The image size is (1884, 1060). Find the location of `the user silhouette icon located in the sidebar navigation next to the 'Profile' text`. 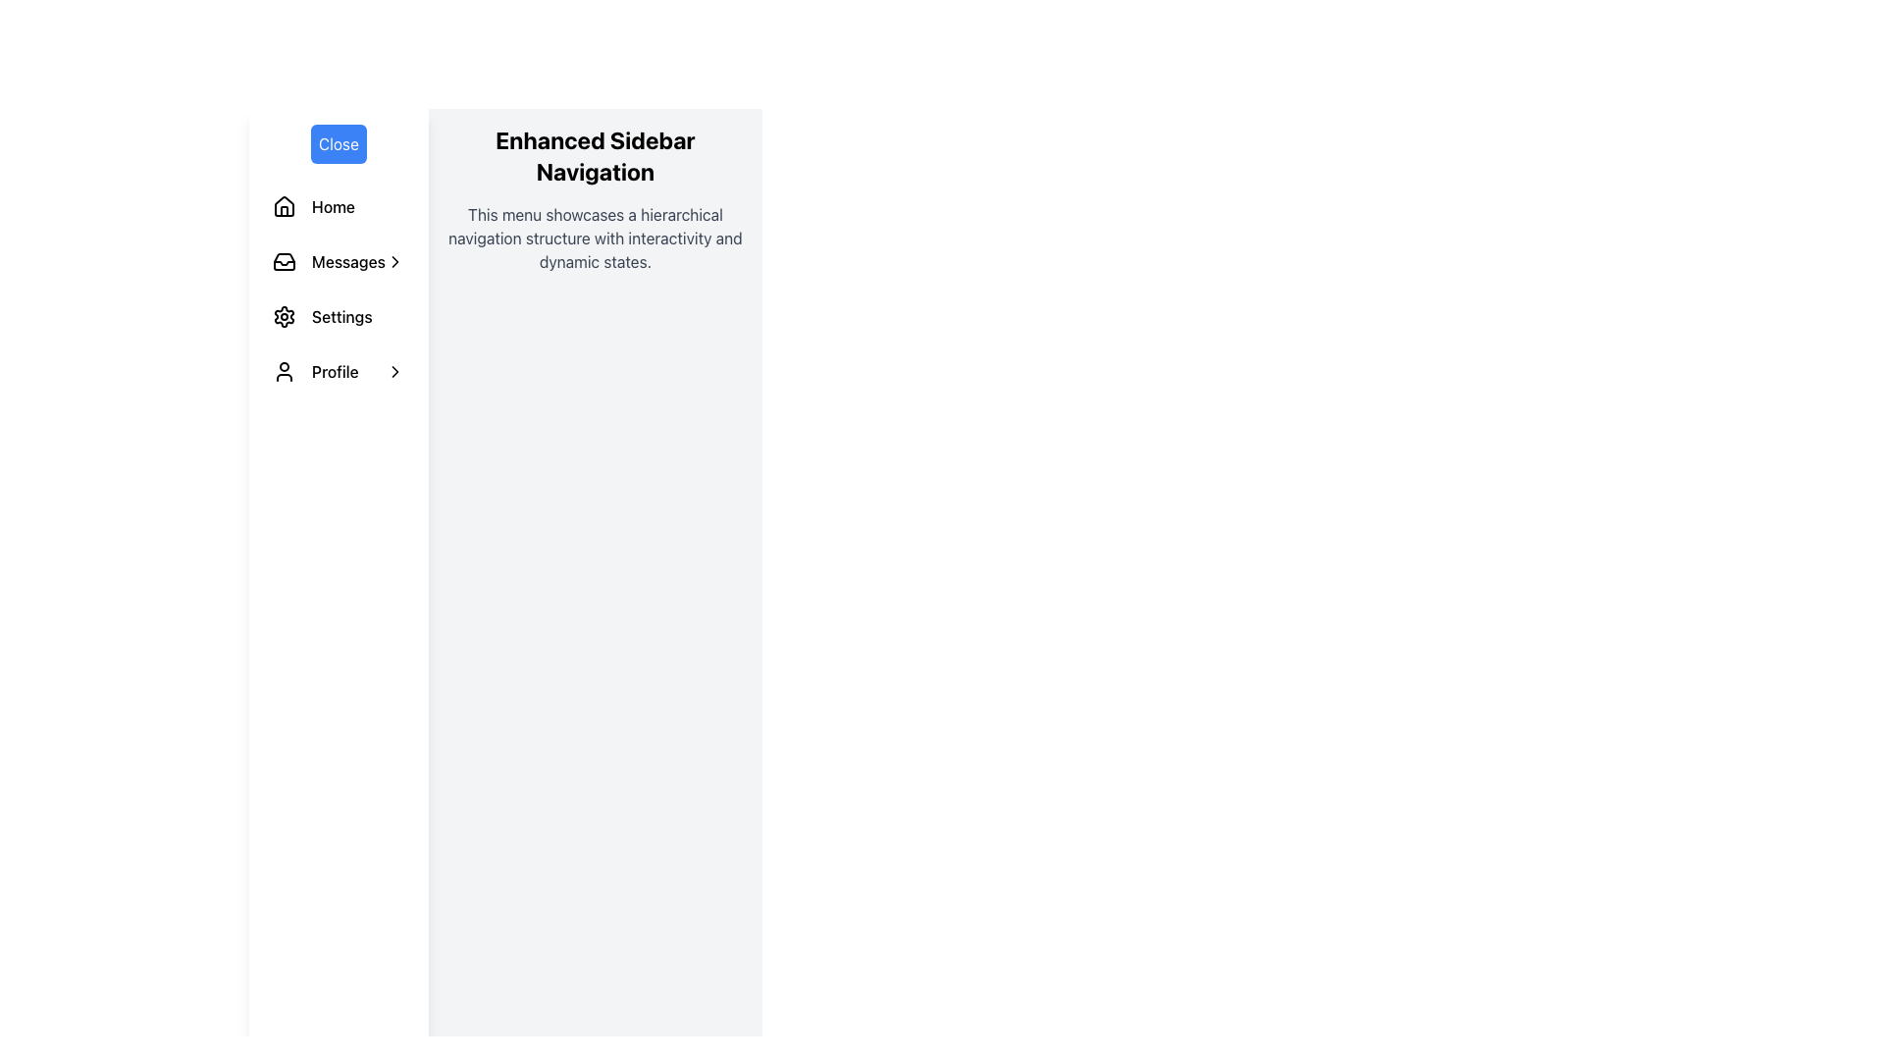

the user silhouette icon located in the sidebar navigation next to the 'Profile' text is located at coordinates (283, 371).